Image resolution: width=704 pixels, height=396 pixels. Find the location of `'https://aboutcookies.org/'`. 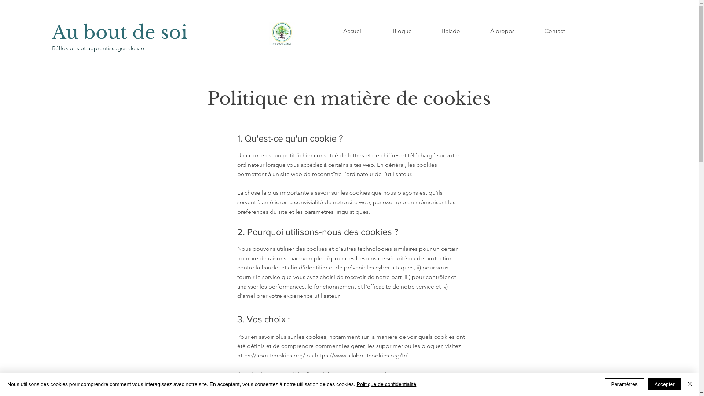

'https://aboutcookies.org/' is located at coordinates (270, 355).